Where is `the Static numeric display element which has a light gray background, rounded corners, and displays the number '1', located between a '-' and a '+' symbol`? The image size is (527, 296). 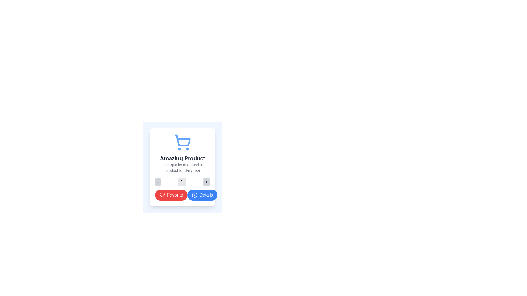
the Static numeric display element which has a light gray background, rounded corners, and displays the number '1', located between a '-' and a '+' symbol is located at coordinates (182, 182).